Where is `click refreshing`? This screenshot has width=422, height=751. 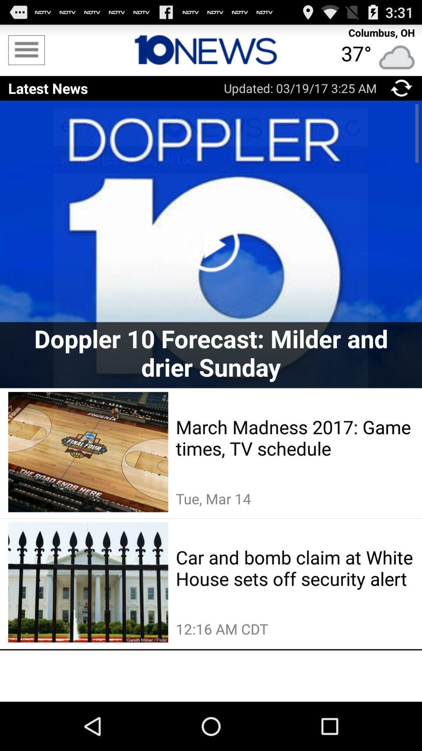 click refreshing is located at coordinates (401, 88).